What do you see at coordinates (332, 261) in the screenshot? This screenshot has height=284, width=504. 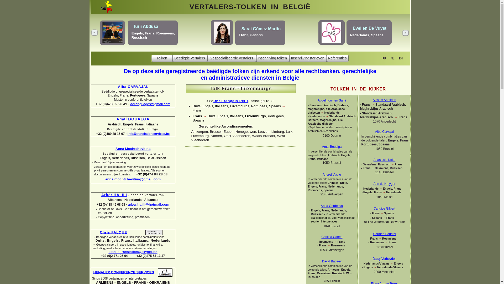 I see `'David Babaev'` at bounding box center [332, 261].